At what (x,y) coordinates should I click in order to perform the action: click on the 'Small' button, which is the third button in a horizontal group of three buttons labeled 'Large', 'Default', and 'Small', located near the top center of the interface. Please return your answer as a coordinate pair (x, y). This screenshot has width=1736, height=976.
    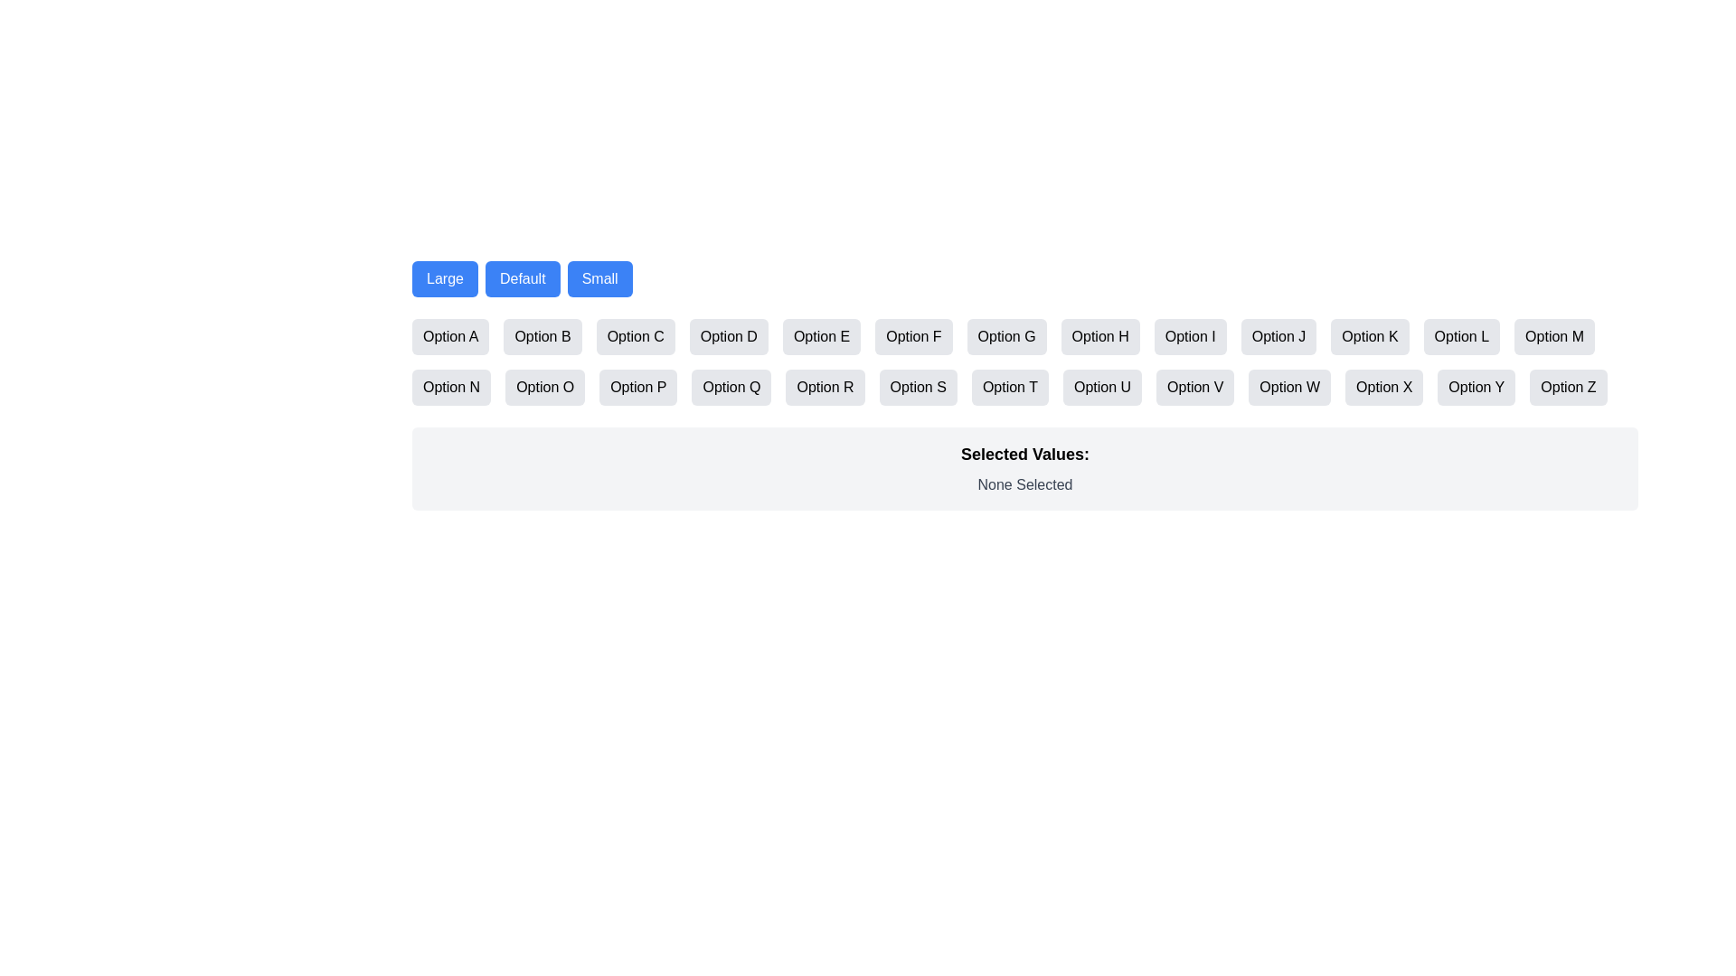
    Looking at the image, I should click on (599, 278).